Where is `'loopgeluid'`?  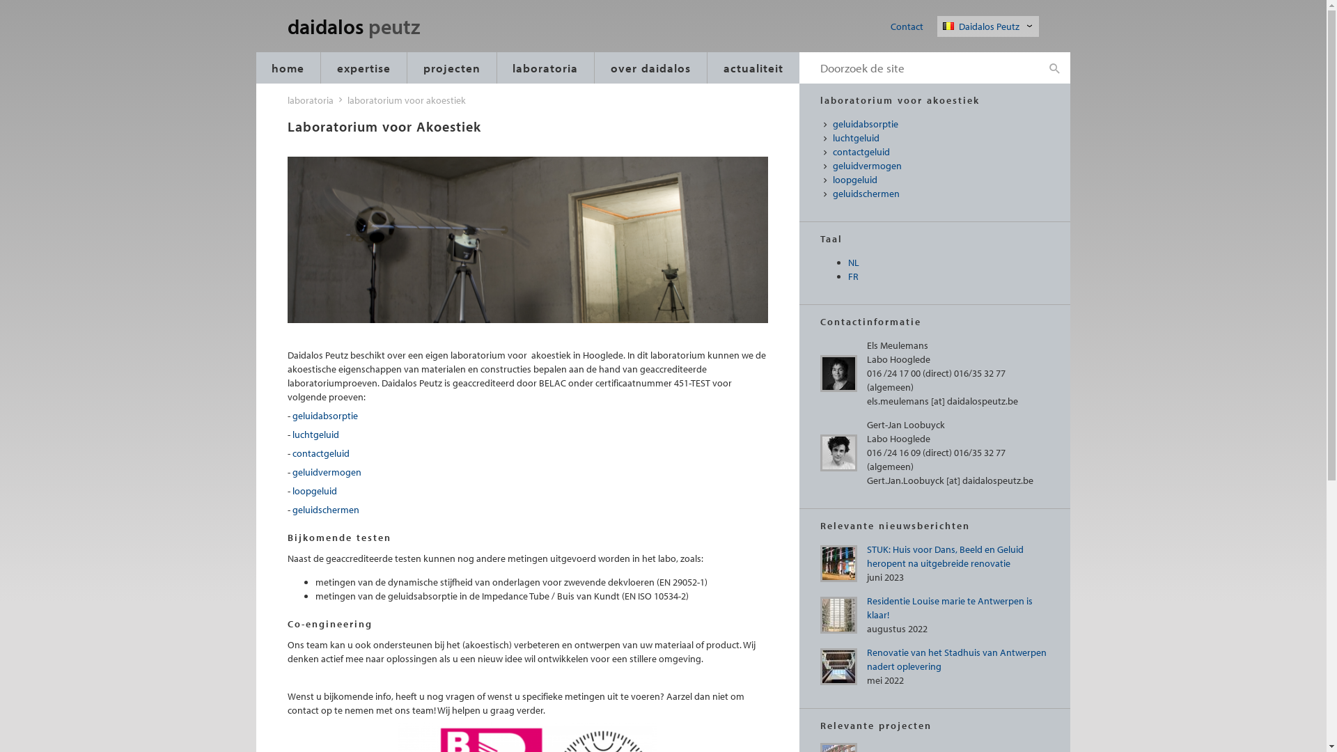 'loopgeluid' is located at coordinates (313, 490).